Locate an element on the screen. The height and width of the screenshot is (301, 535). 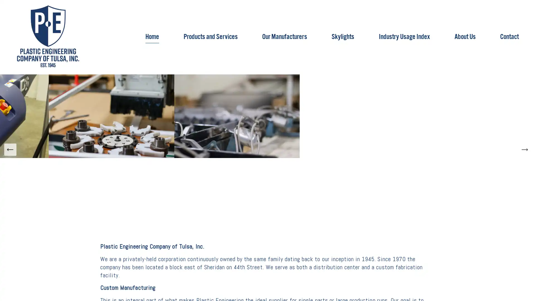
Previous Slide is located at coordinates (10, 149).